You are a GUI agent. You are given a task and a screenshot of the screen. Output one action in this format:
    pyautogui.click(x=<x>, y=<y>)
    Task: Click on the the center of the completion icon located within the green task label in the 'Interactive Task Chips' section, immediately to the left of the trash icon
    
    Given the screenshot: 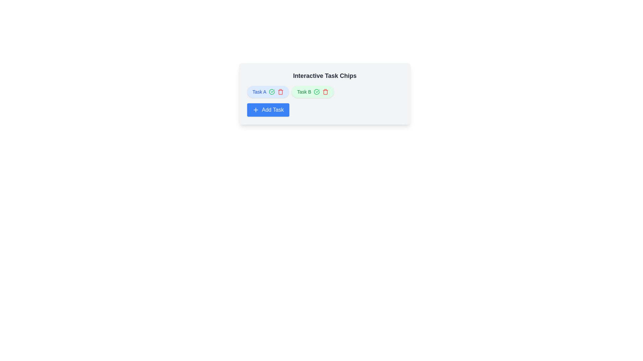 What is the action you would take?
    pyautogui.click(x=272, y=92)
    